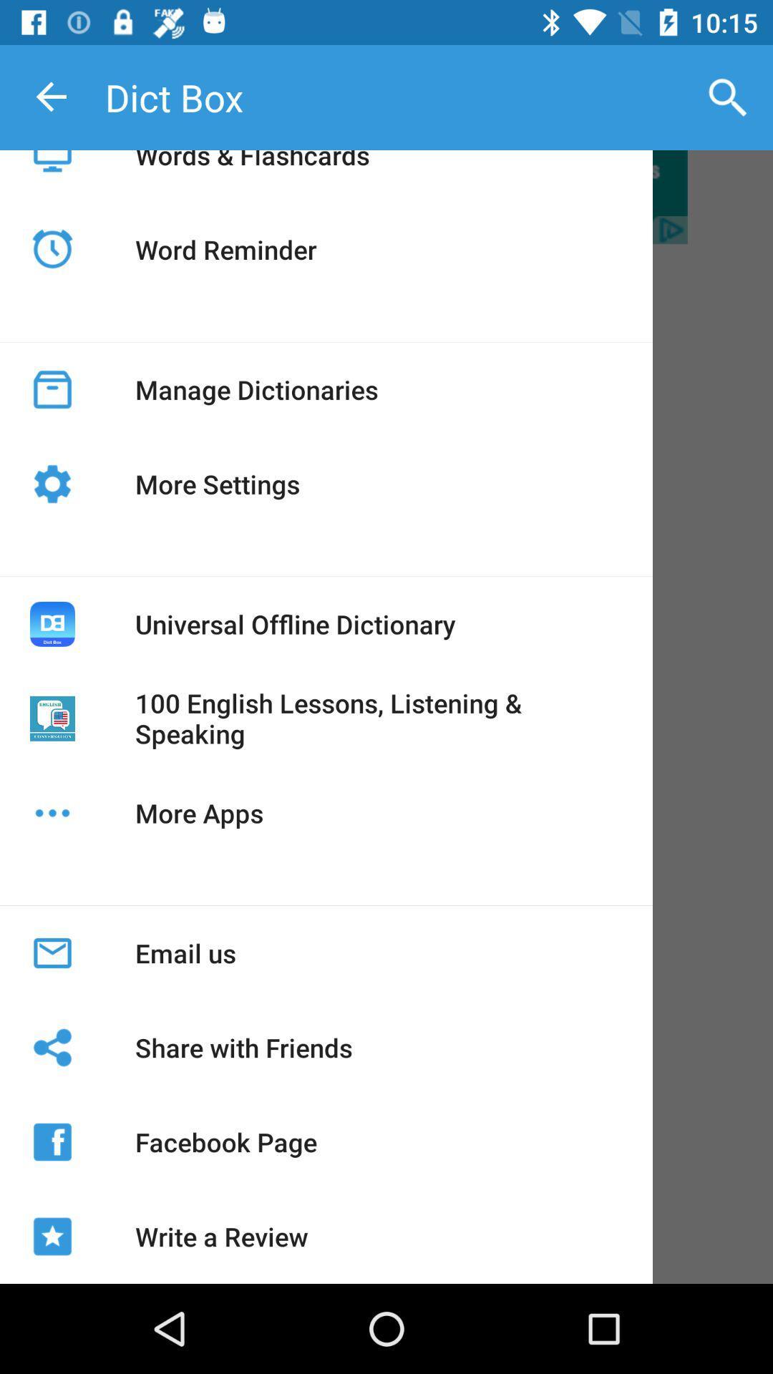 This screenshot has width=773, height=1374. I want to click on item at the top right corner, so click(728, 97).